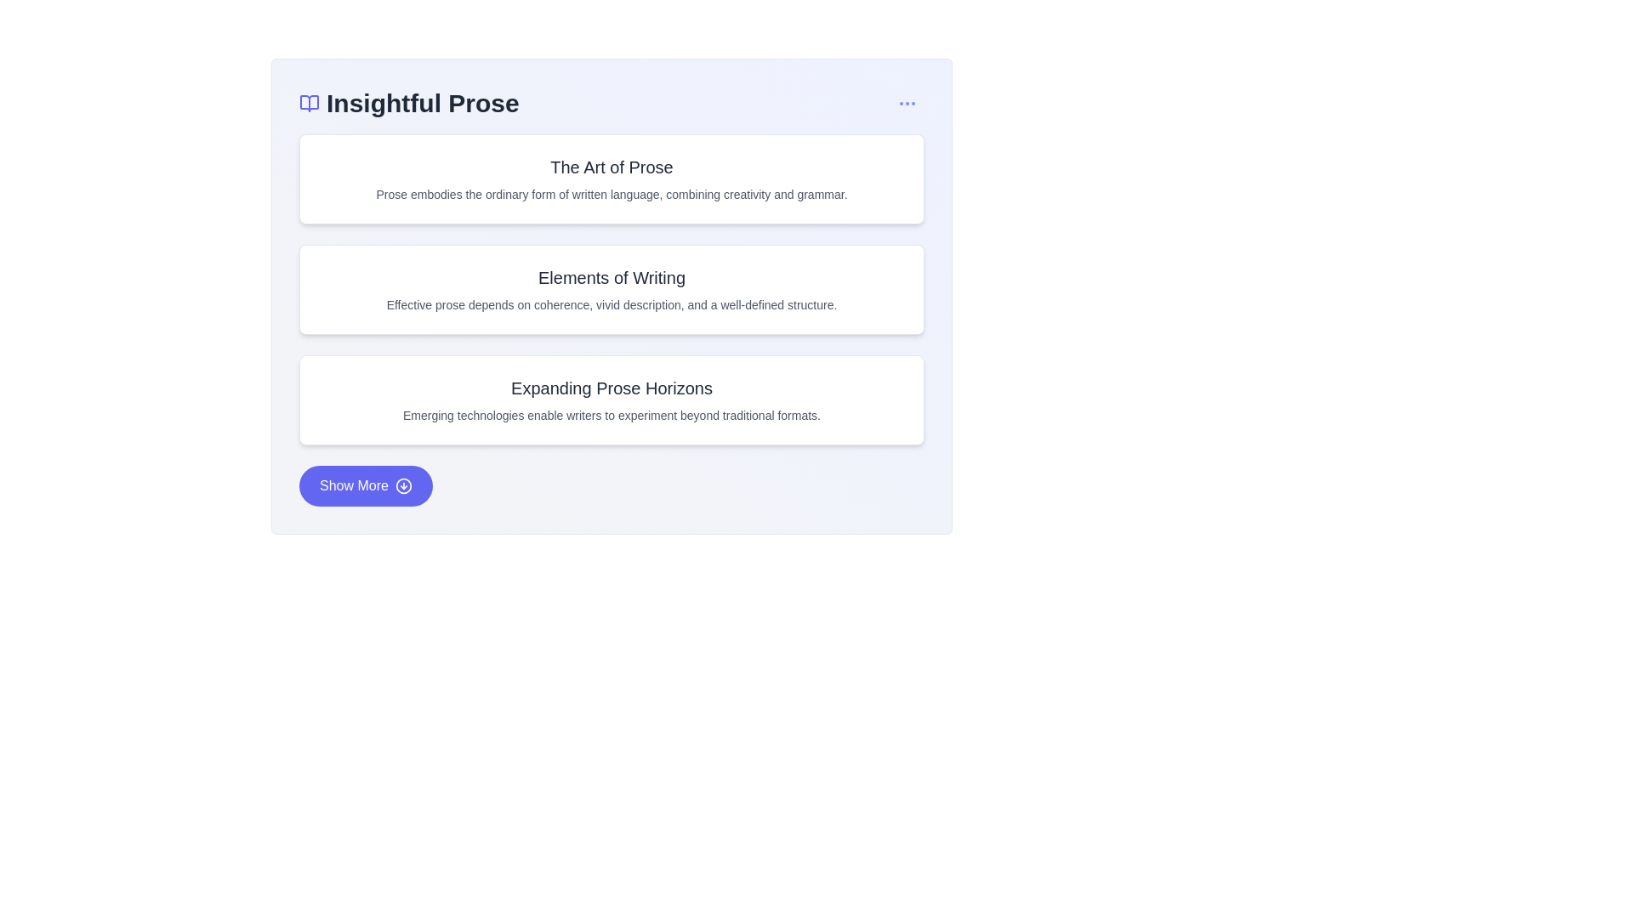 The width and height of the screenshot is (1633, 918). Describe the element at coordinates (906, 104) in the screenshot. I see `the button located at the top-right corner of the 'Insightful Prose' section` at that location.